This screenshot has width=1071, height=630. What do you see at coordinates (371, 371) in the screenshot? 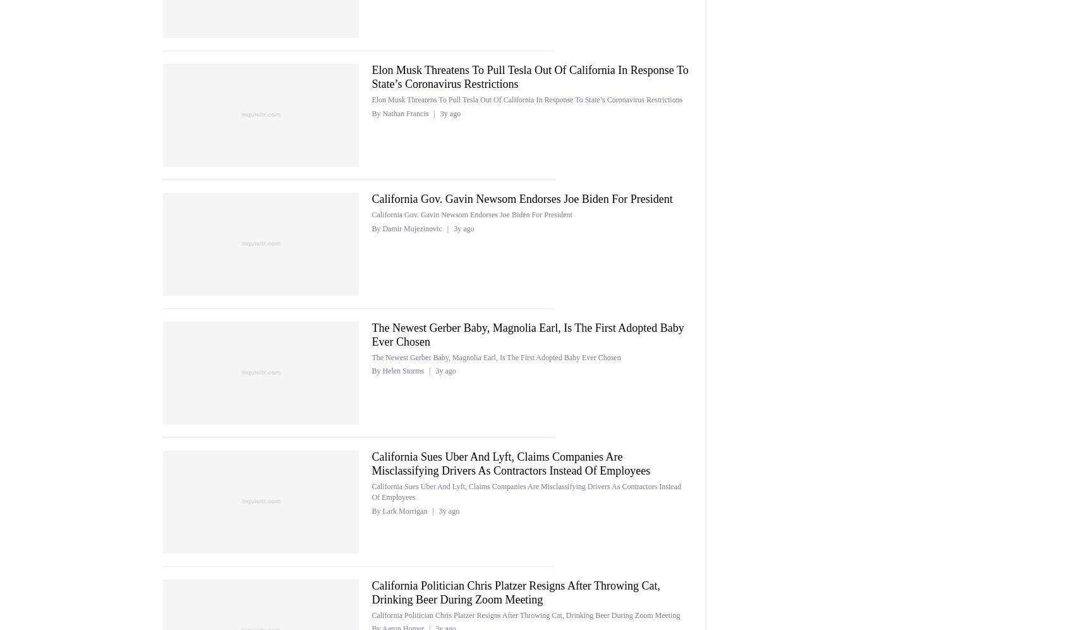
I see `'By Helen Storms'` at bounding box center [371, 371].